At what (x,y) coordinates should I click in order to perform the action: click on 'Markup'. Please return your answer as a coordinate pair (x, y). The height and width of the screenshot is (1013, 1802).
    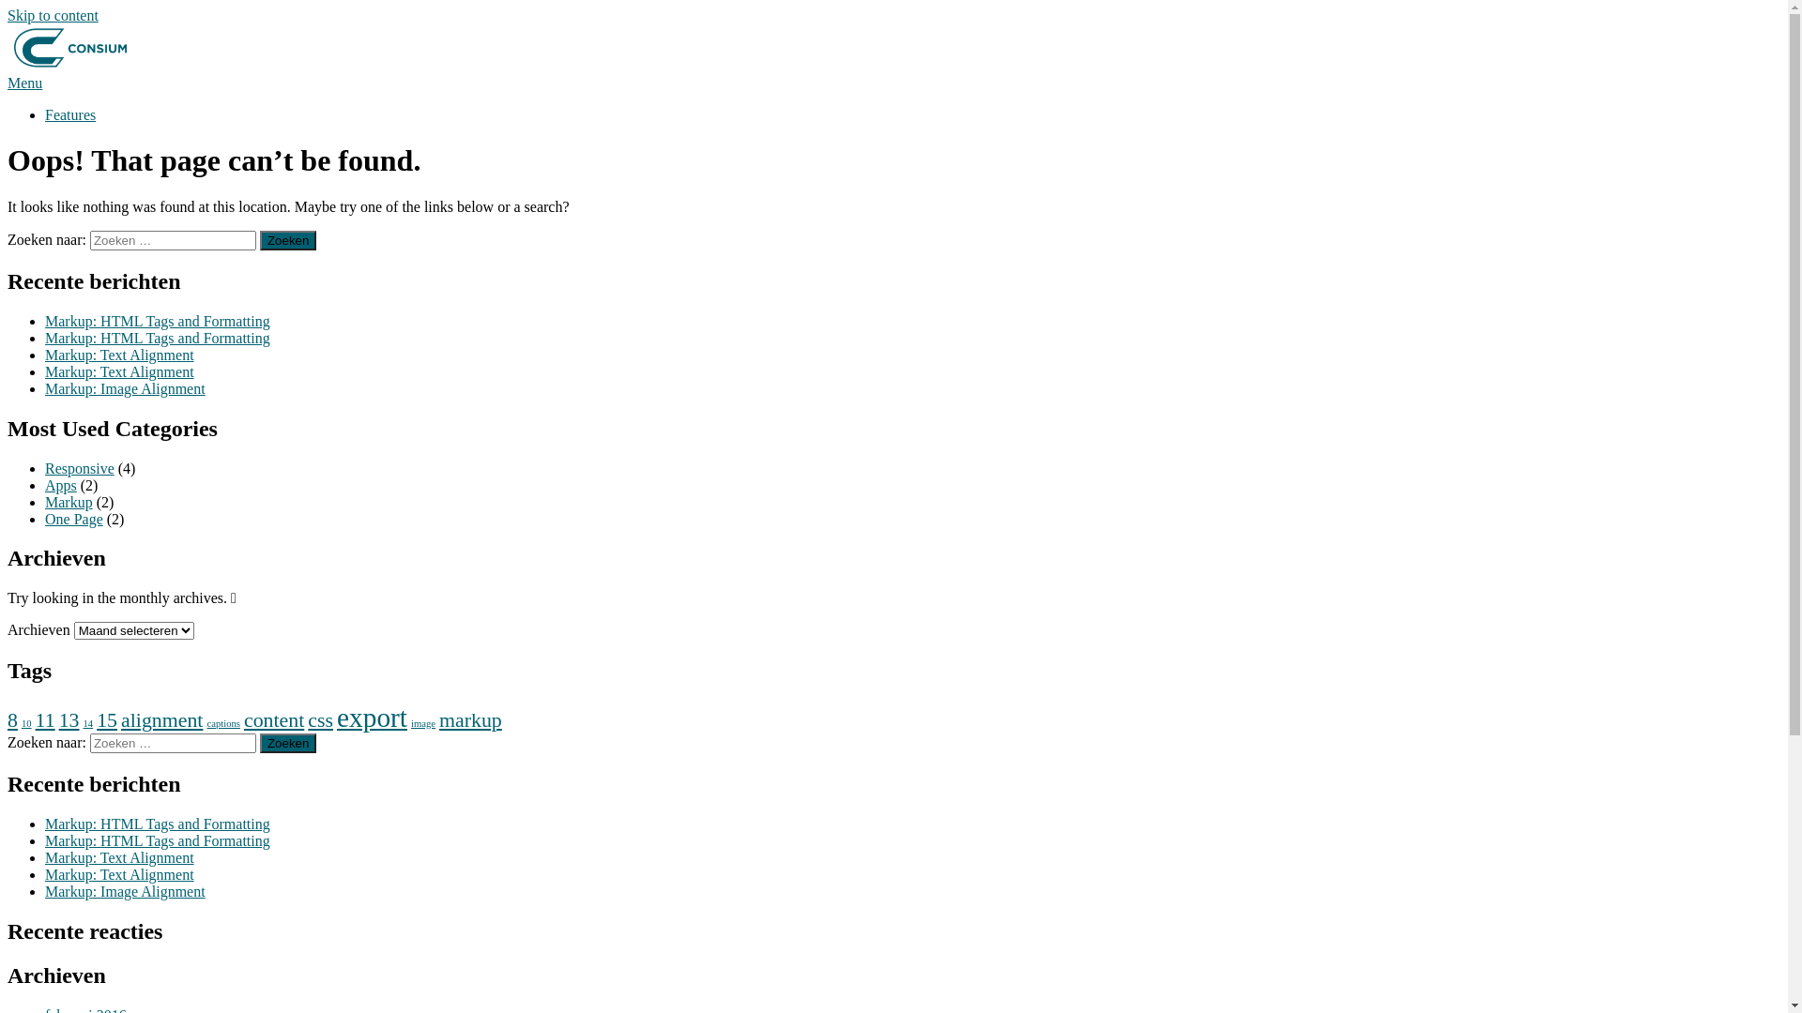
    Looking at the image, I should click on (69, 500).